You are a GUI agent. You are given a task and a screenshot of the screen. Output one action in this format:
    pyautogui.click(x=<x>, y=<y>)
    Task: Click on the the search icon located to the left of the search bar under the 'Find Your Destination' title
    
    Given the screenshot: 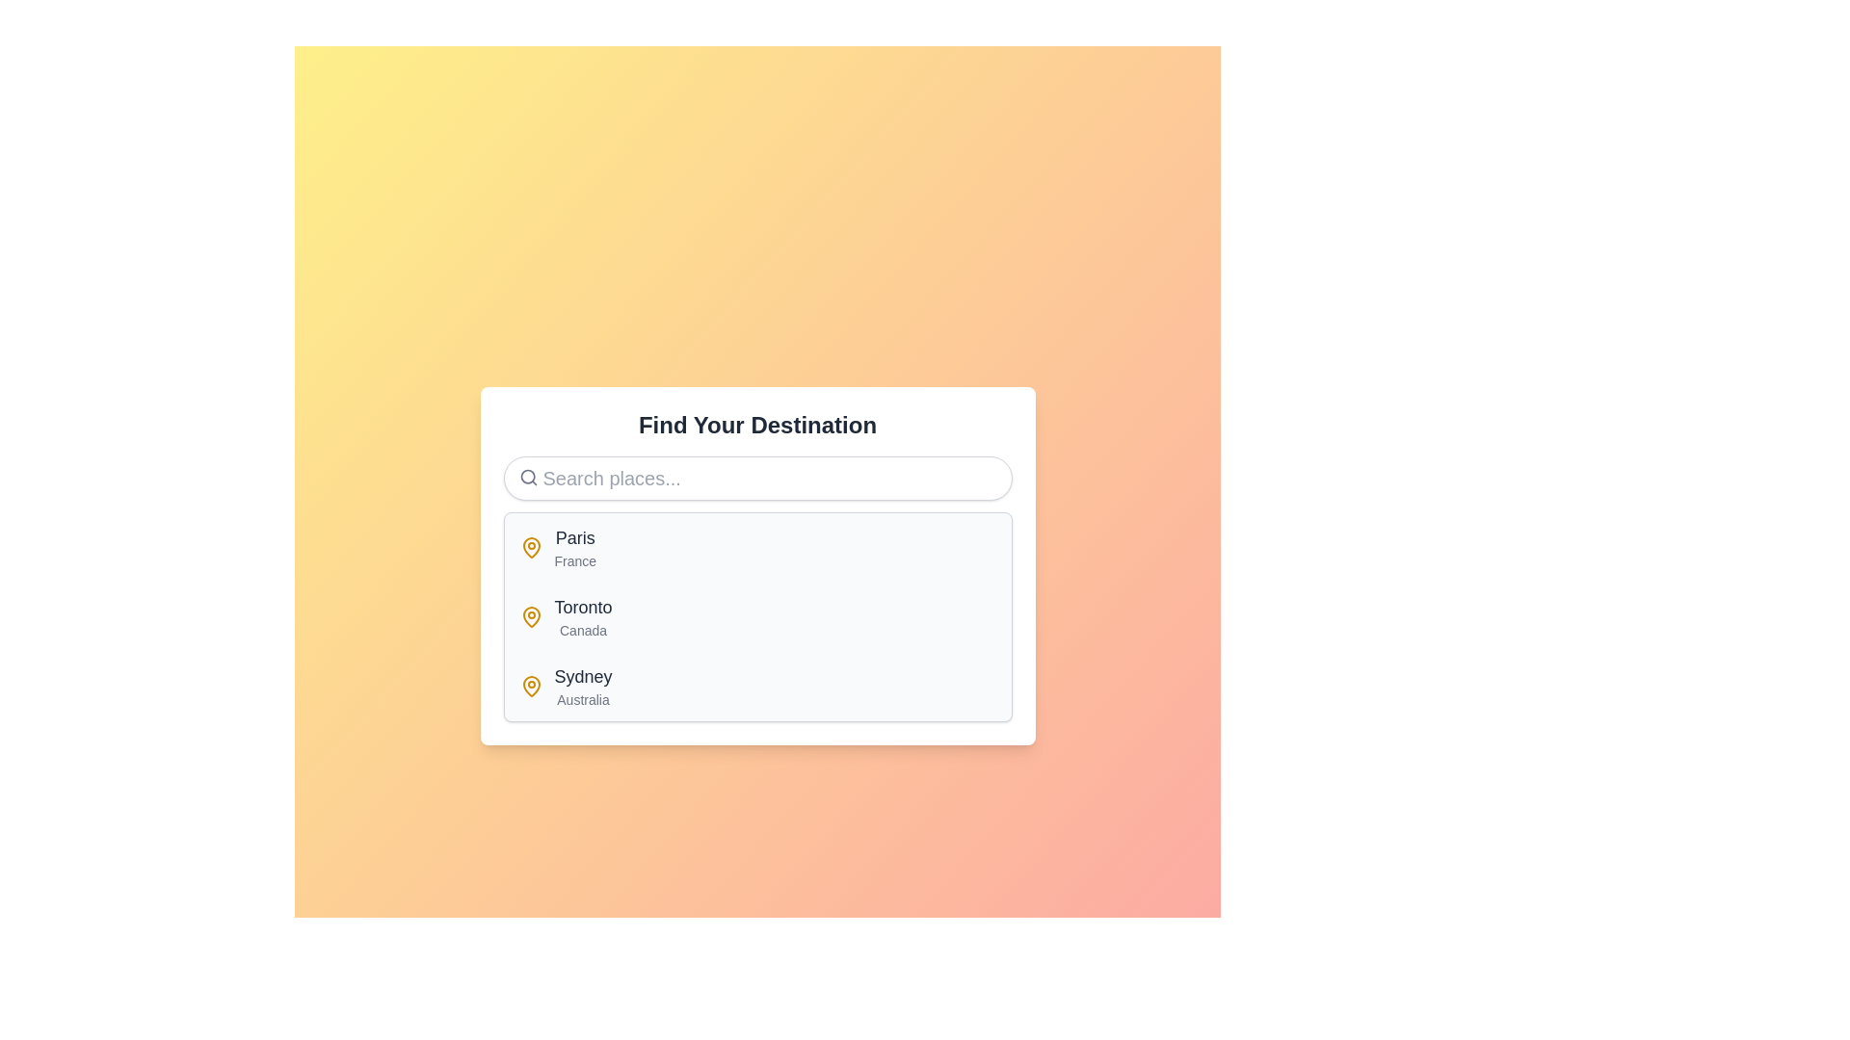 What is the action you would take?
    pyautogui.click(x=528, y=477)
    